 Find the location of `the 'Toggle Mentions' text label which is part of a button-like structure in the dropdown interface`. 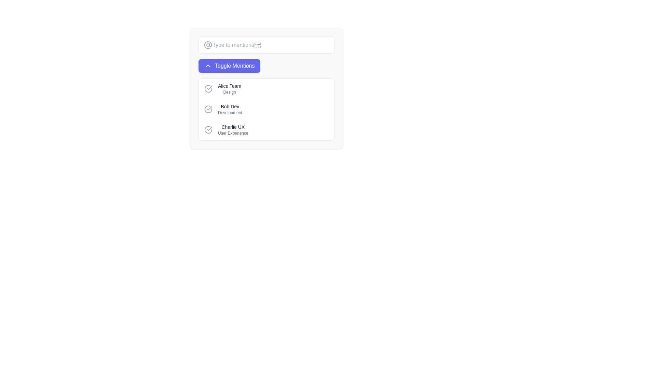

the 'Toggle Mentions' text label which is part of a button-like structure in the dropdown interface is located at coordinates (235, 66).